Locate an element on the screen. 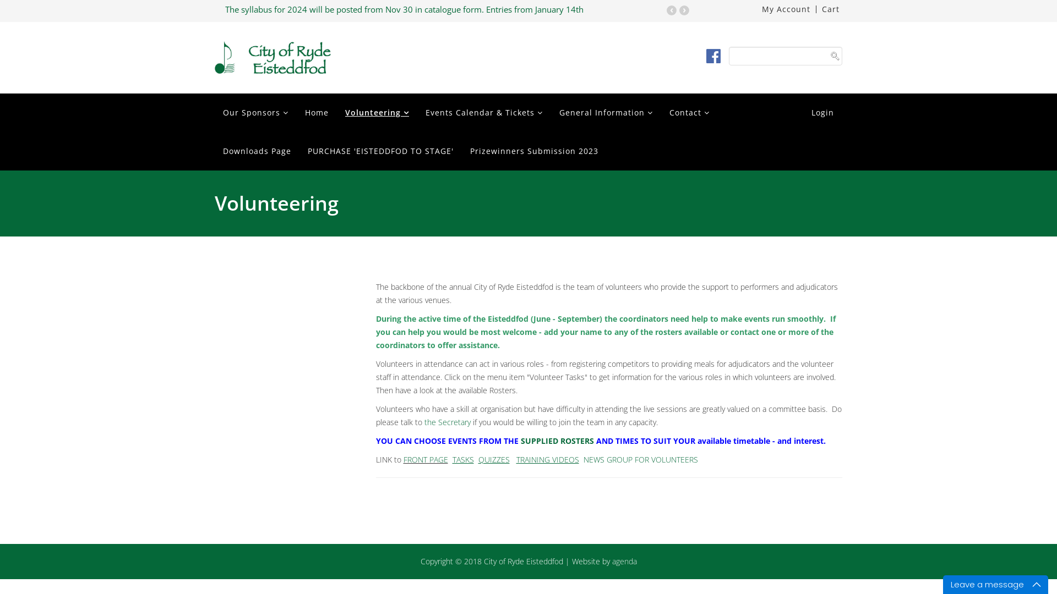 This screenshot has width=1057, height=594. 'TASKS' is located at coordinates (462, 459).